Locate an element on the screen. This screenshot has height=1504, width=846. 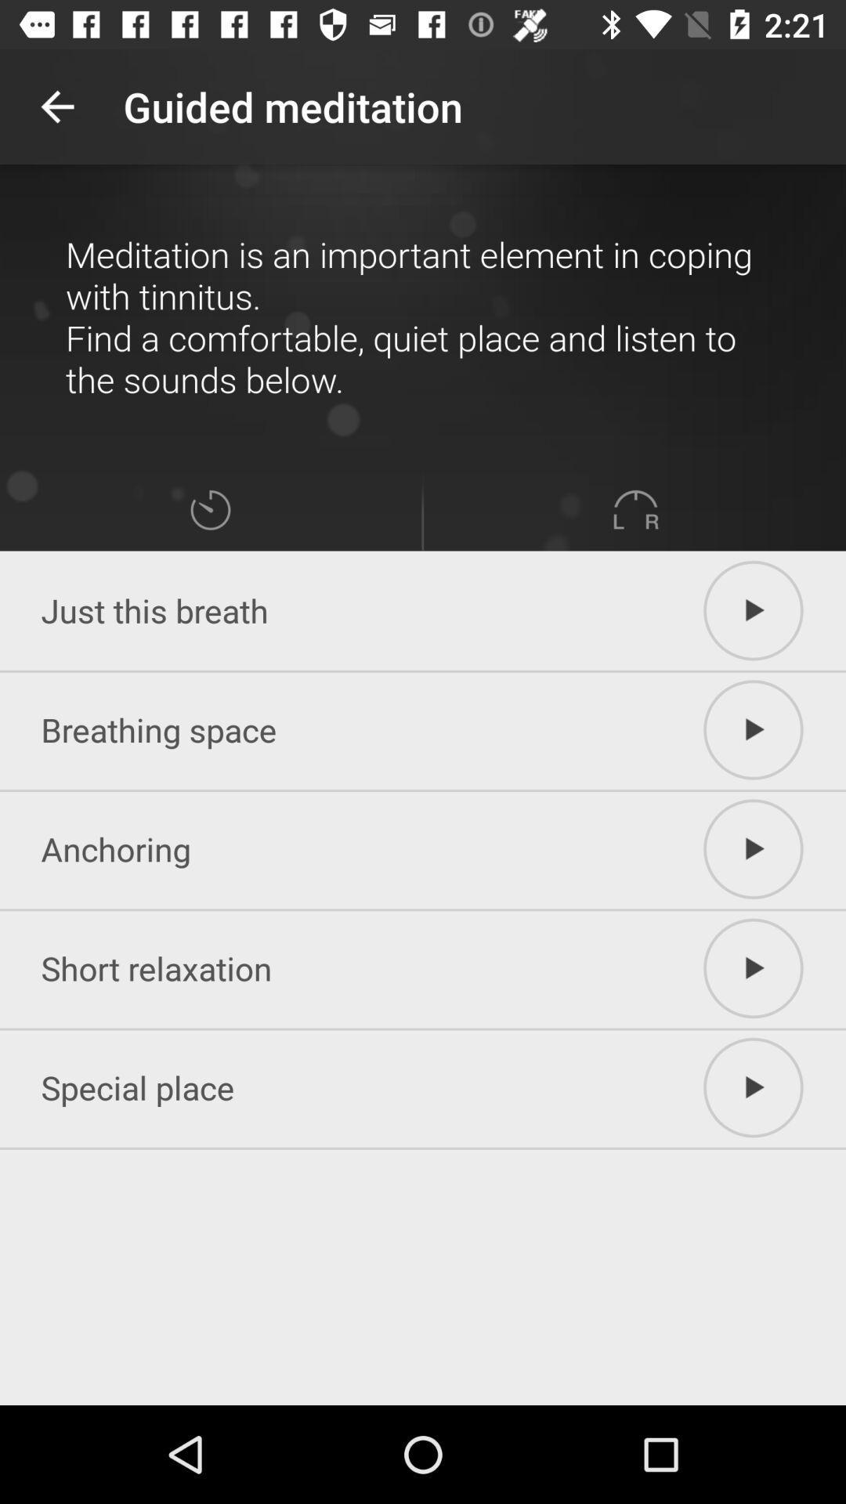
the item on the left is located at coordinates (209, 510).